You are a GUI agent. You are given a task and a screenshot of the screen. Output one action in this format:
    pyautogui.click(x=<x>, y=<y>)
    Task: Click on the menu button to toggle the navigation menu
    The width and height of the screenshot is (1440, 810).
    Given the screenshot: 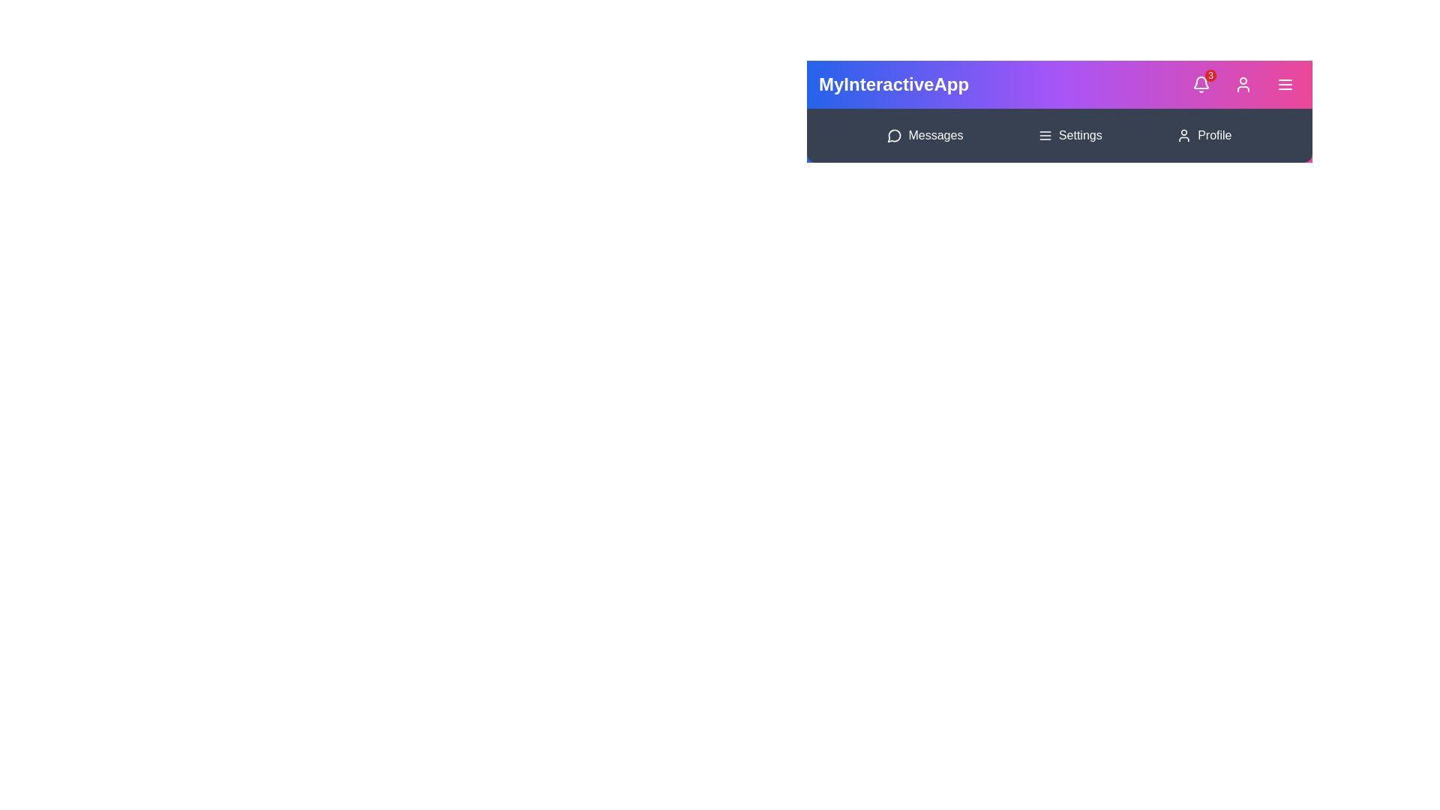 What is the action you would take?
    pyautogui.click(x=1284, y=84)
    